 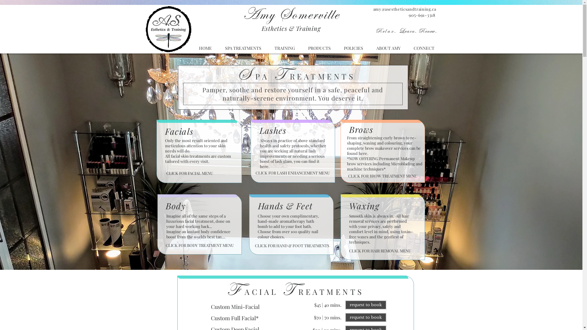 What do you see at coordinates (243, 48) in the screenshot?
I see `'SPA TREATMENTS'` at bounding box center [243, 48].